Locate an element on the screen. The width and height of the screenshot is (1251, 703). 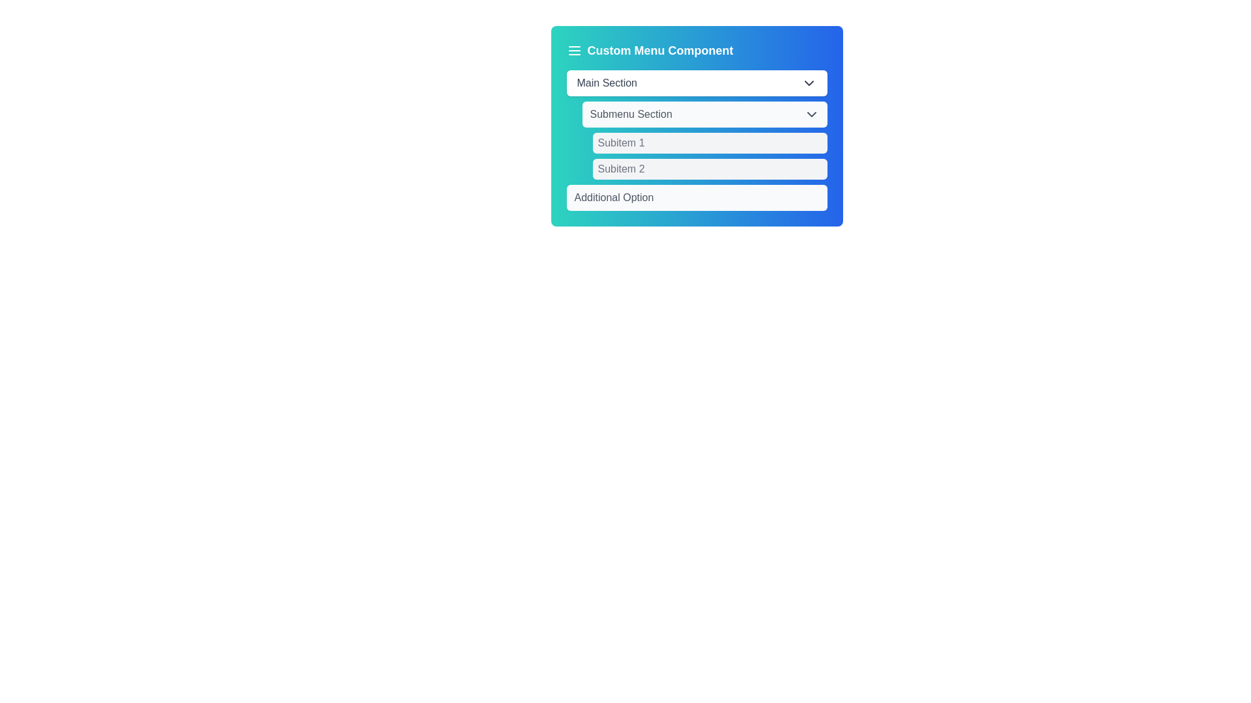
the clickable menu option button located directly below 'Subitem 2' in the vertical menu to change its background is located at coordinates (696, 198).